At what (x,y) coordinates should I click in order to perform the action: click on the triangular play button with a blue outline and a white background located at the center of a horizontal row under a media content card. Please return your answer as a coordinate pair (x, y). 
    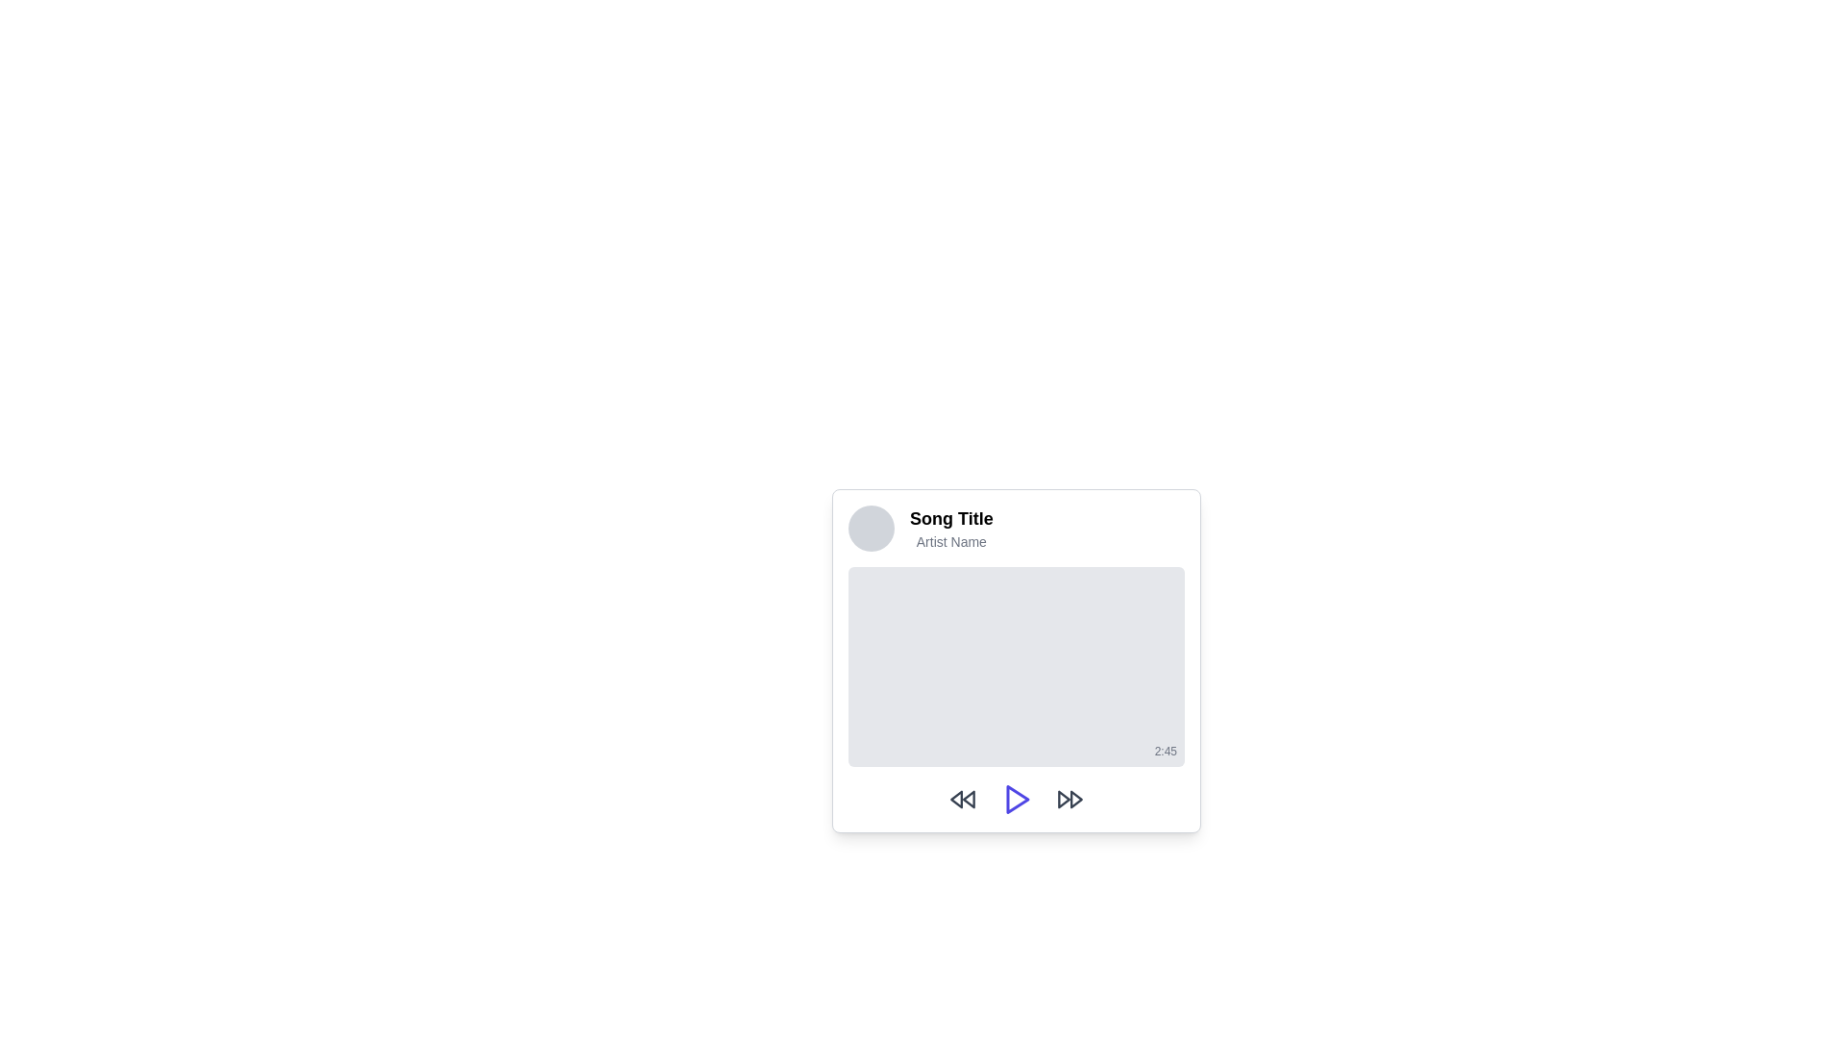
    Looking at the image, I should click on (1015, 800).